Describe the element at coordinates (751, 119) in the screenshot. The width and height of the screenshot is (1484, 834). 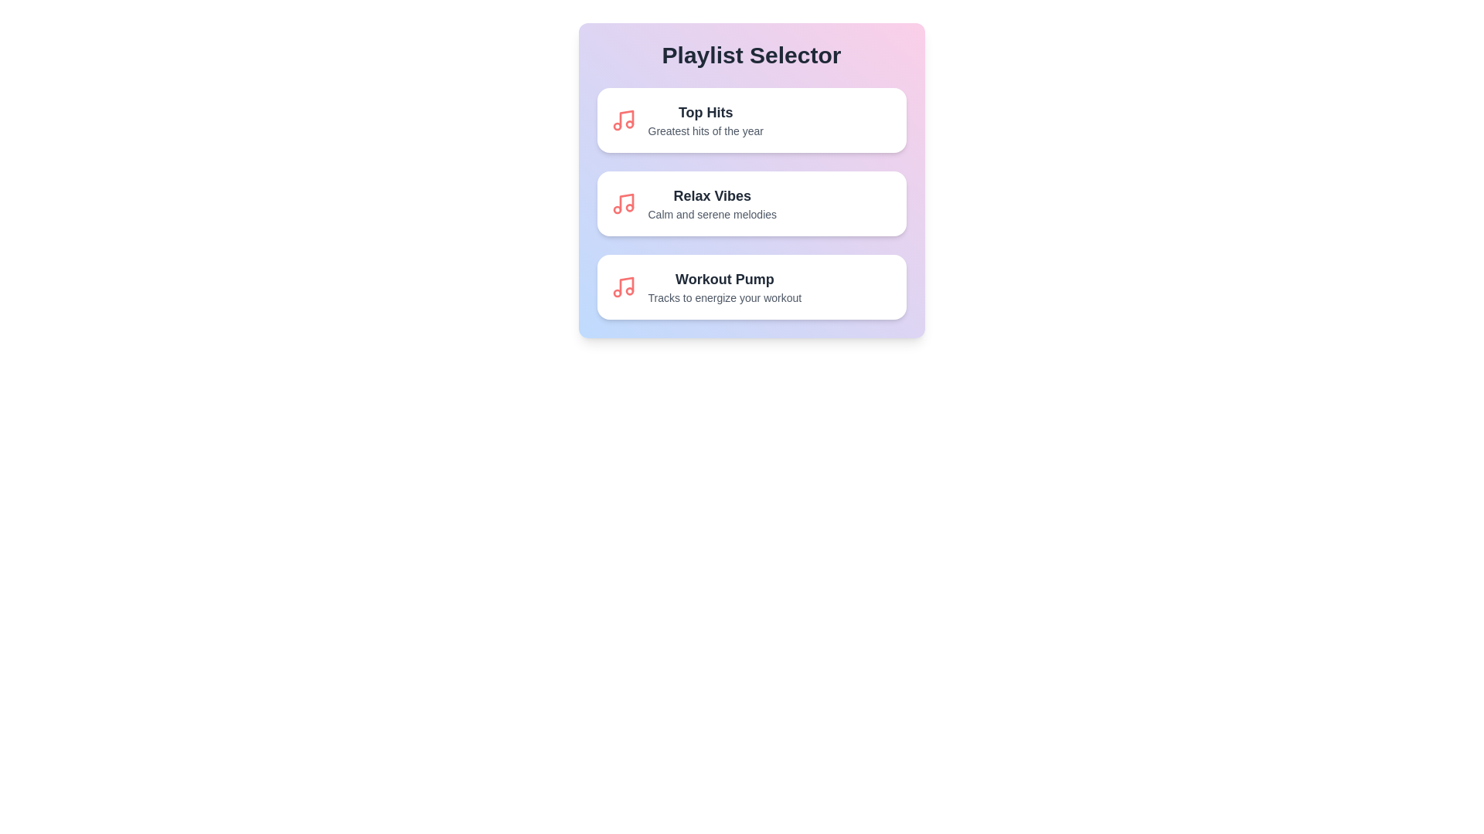
I see `the playlist Top Hits by clicking on its list item` at that location.